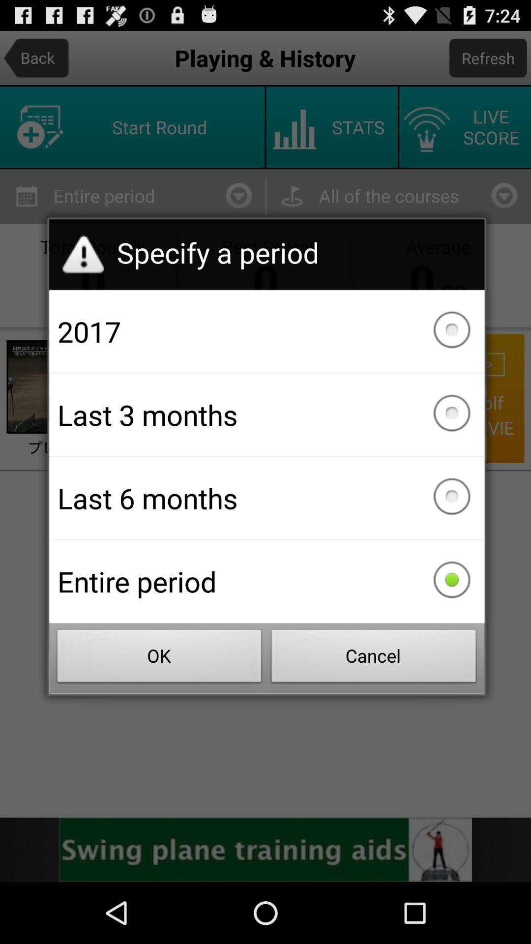  Describe the element at coordinates (159, 659) in the screenshot. I see `the button to the left of cancel` at that location.